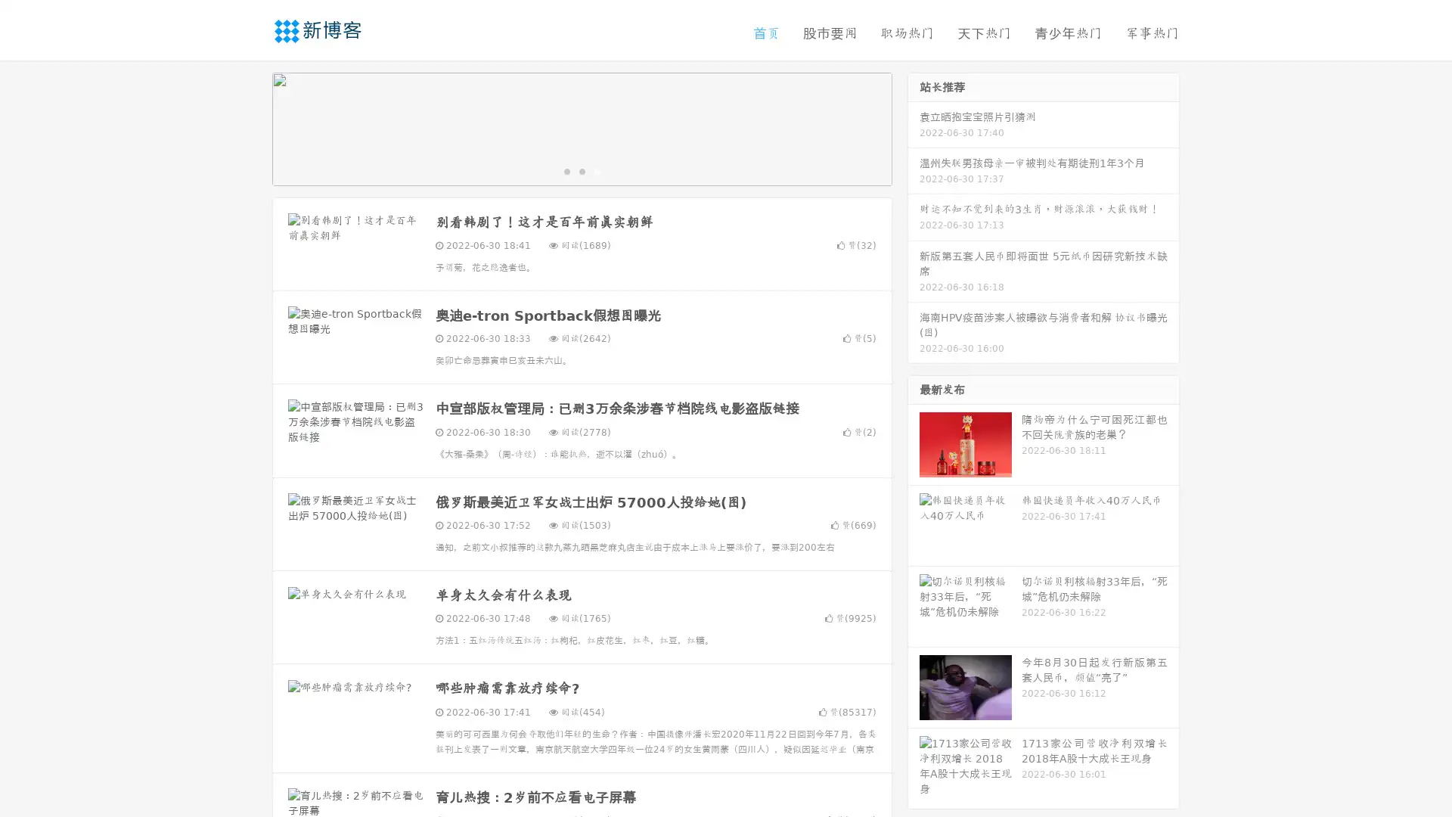 The image size is (1452, 817). I want to click on Go to slide 2, so click(581, 170).